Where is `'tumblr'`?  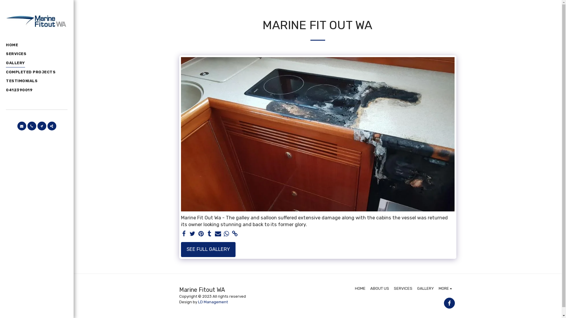
'tumblr' is located at coordinates (209, 233).